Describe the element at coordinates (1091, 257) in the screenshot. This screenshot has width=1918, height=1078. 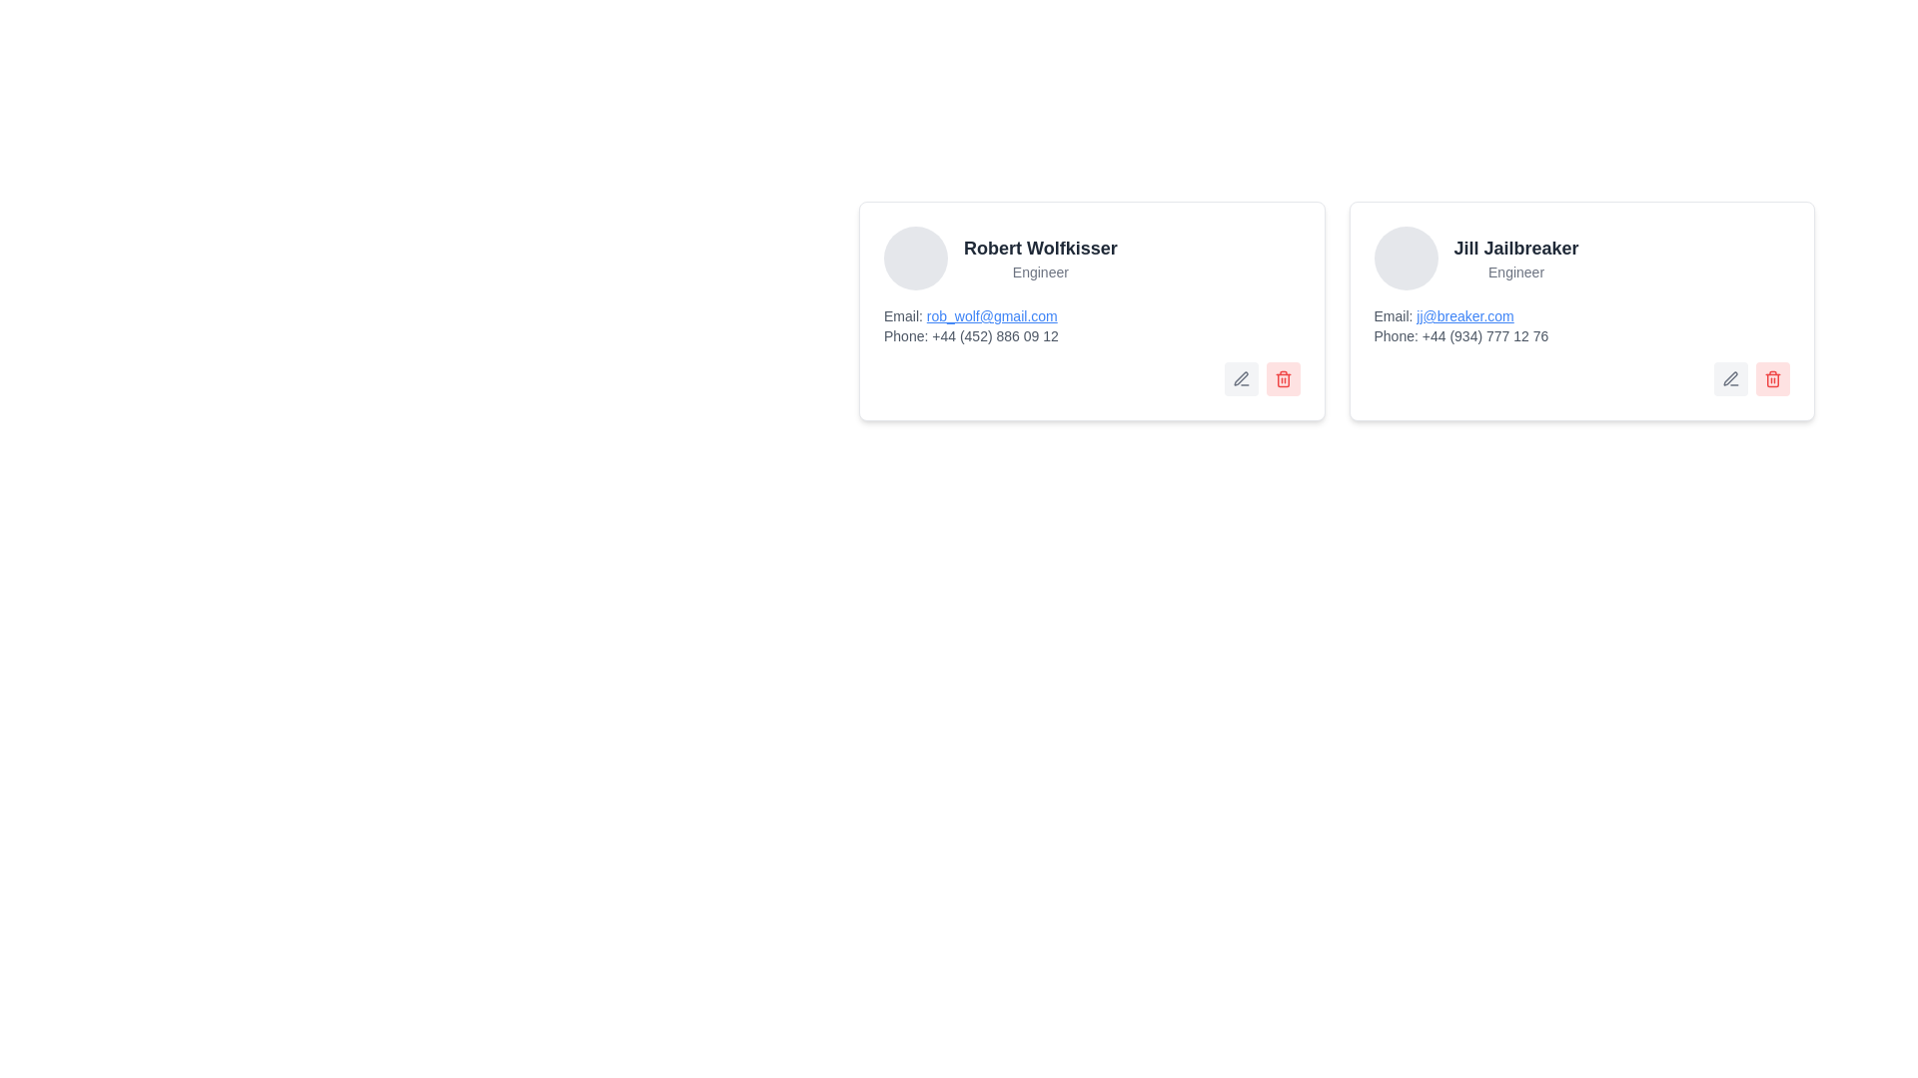
I see `displayed name 'Robert Wolfkisser' and role 'Engineer' from the bold text label located at the top section of the card component on the left side of a two-card layout` at that location.